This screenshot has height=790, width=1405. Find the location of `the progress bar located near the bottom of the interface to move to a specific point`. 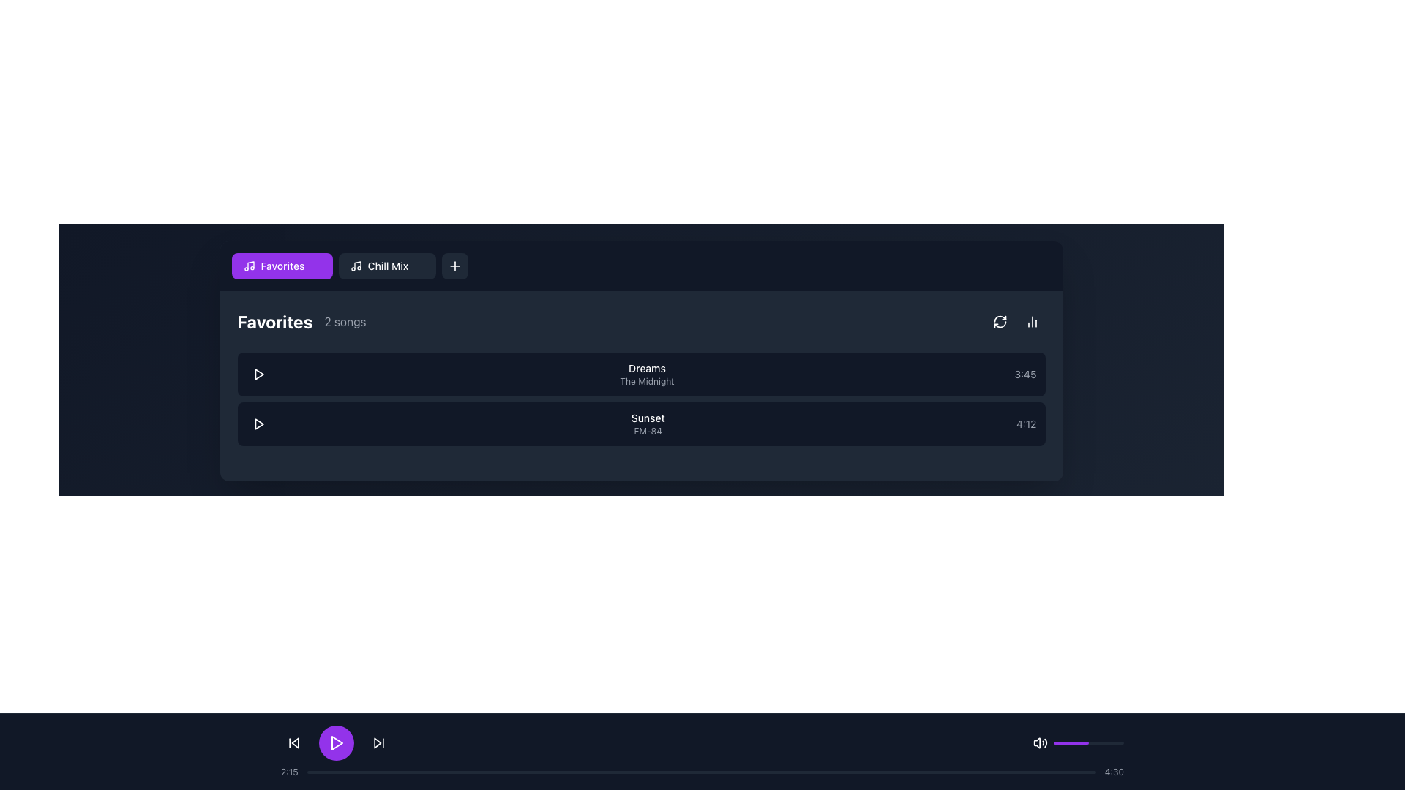

the progress bar located near the bottom of the interface to move to a specific point is located at coordinates (700, 772).